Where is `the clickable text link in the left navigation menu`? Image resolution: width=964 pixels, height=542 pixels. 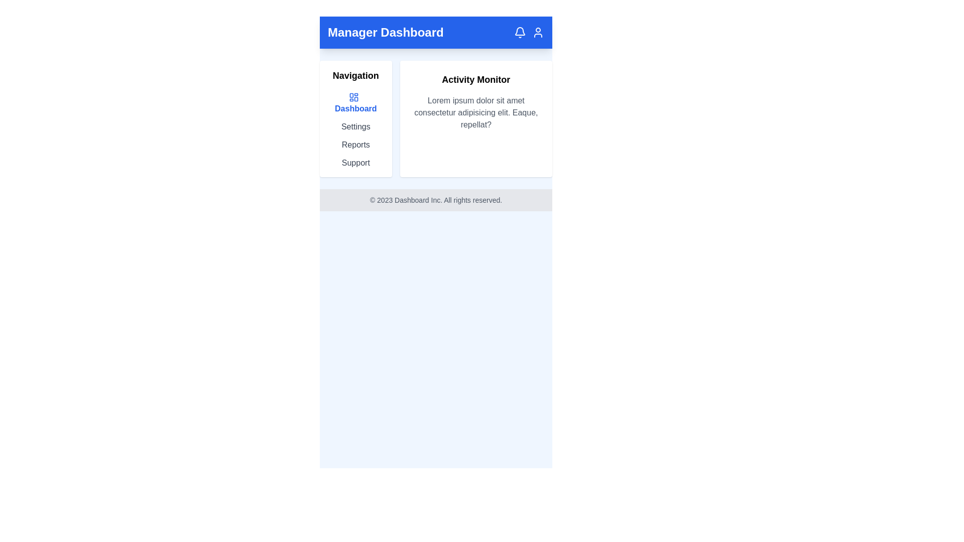 the clickable text link in the left navigation menu is located at coordinates (355, 126).